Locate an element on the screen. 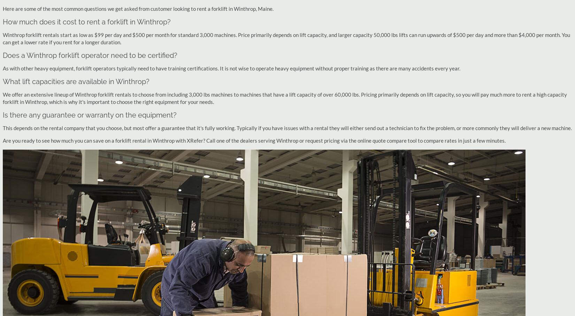 This screenshot has width=575, height=316. 'Is there any guarantee or warranty on the equipment?' is located at coordinates (90, 115).